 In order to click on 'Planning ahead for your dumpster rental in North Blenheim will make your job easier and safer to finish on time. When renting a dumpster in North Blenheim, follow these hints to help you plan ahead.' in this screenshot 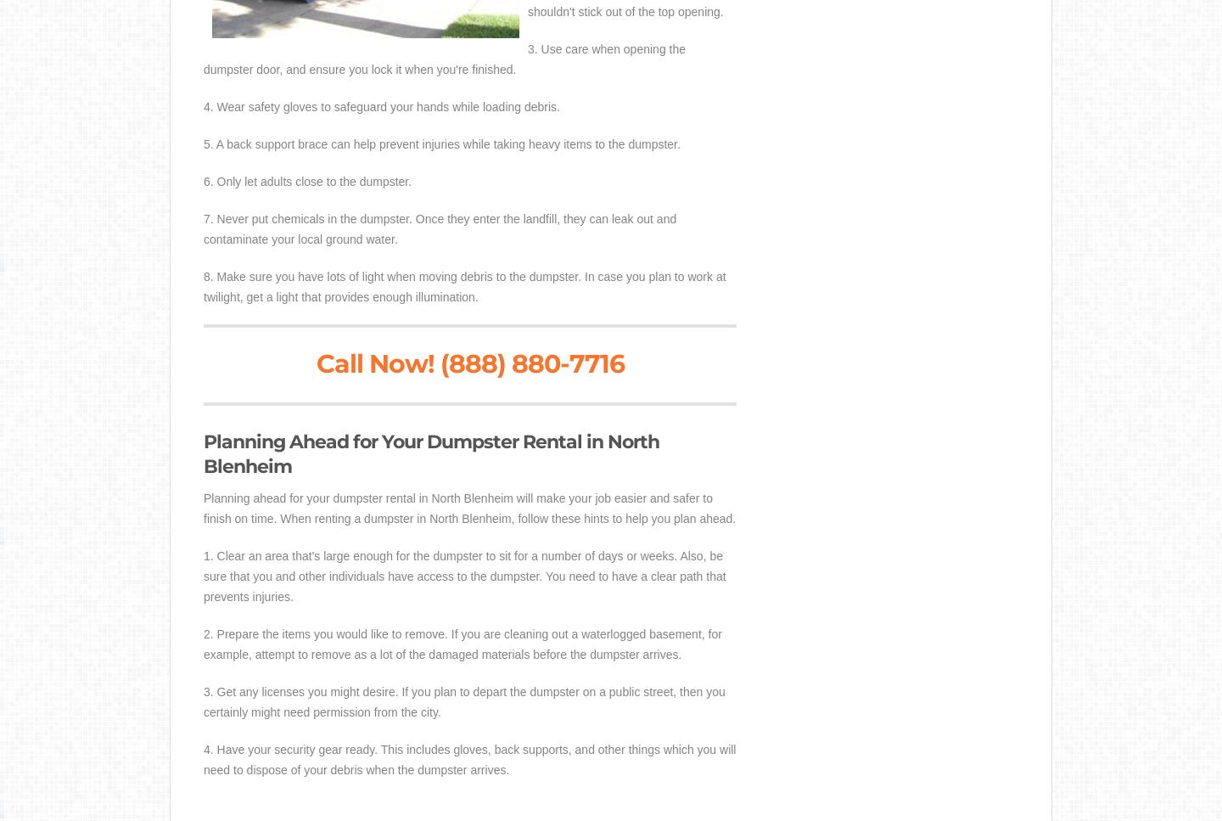, I will do `click(469, 508)`.